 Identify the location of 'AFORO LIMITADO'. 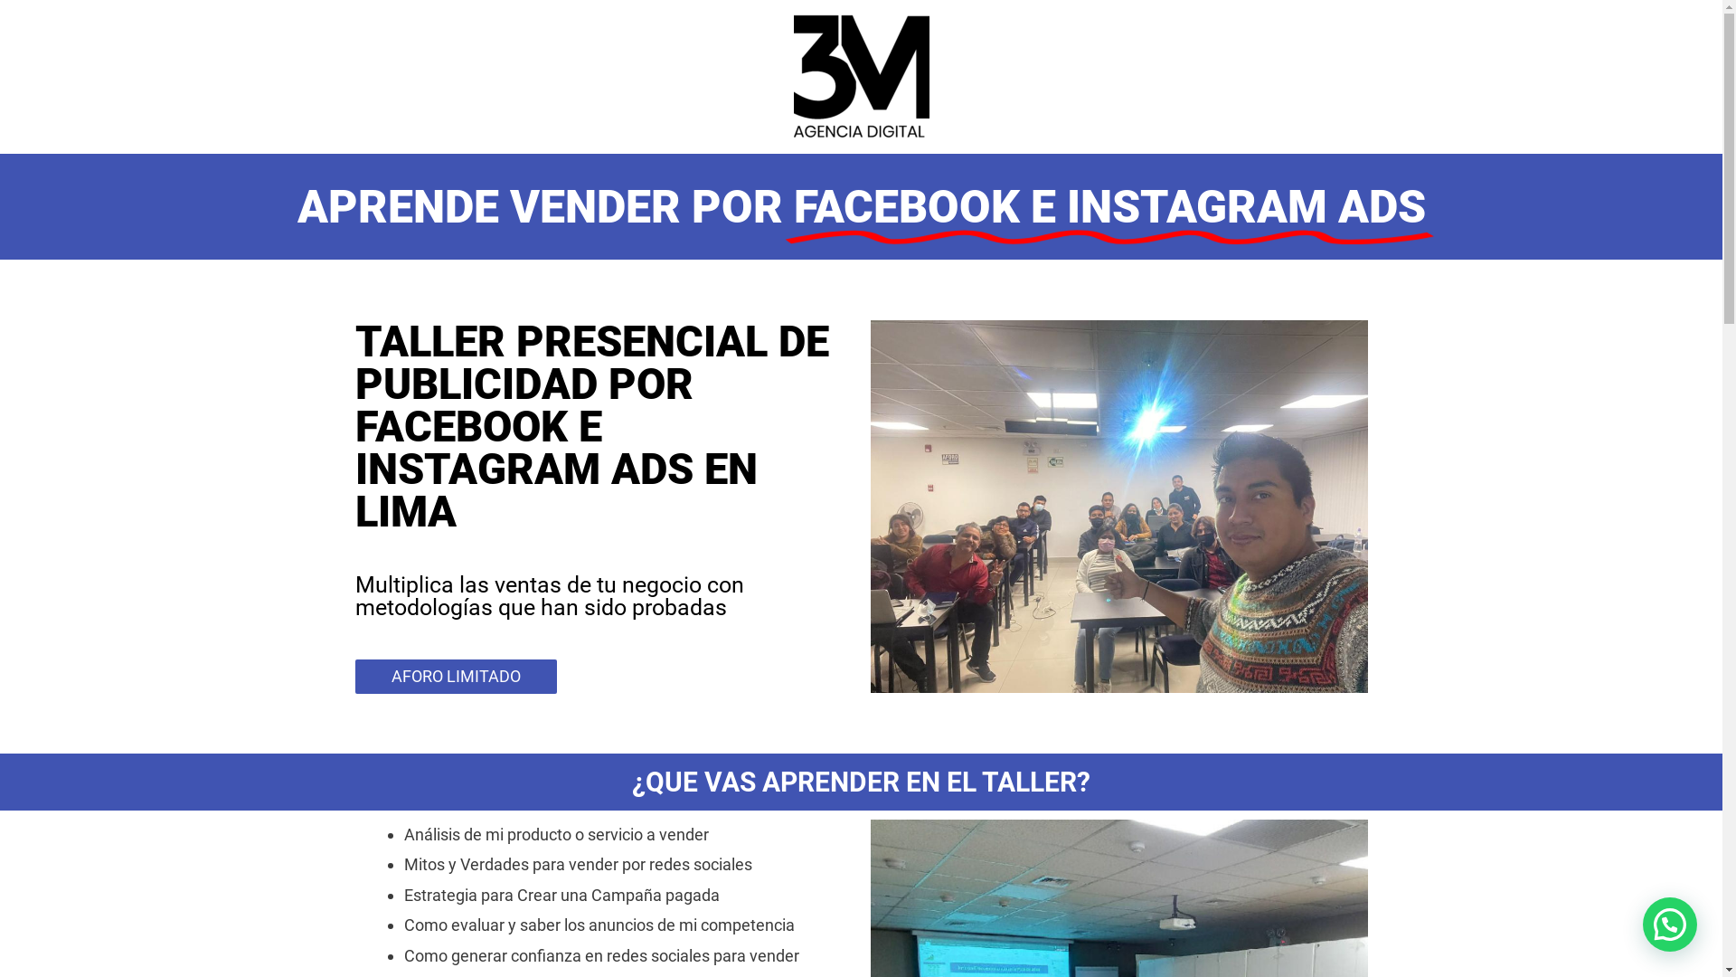
(354, 676).